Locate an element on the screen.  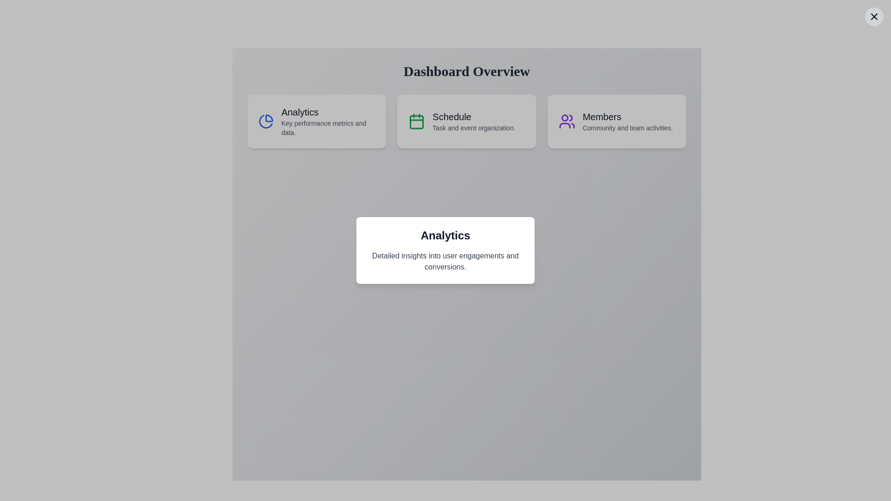
the blue quarter-circle segment of the pie chart icon located to the left of the 'Analytics' tab is located at coordinates (269, 118).